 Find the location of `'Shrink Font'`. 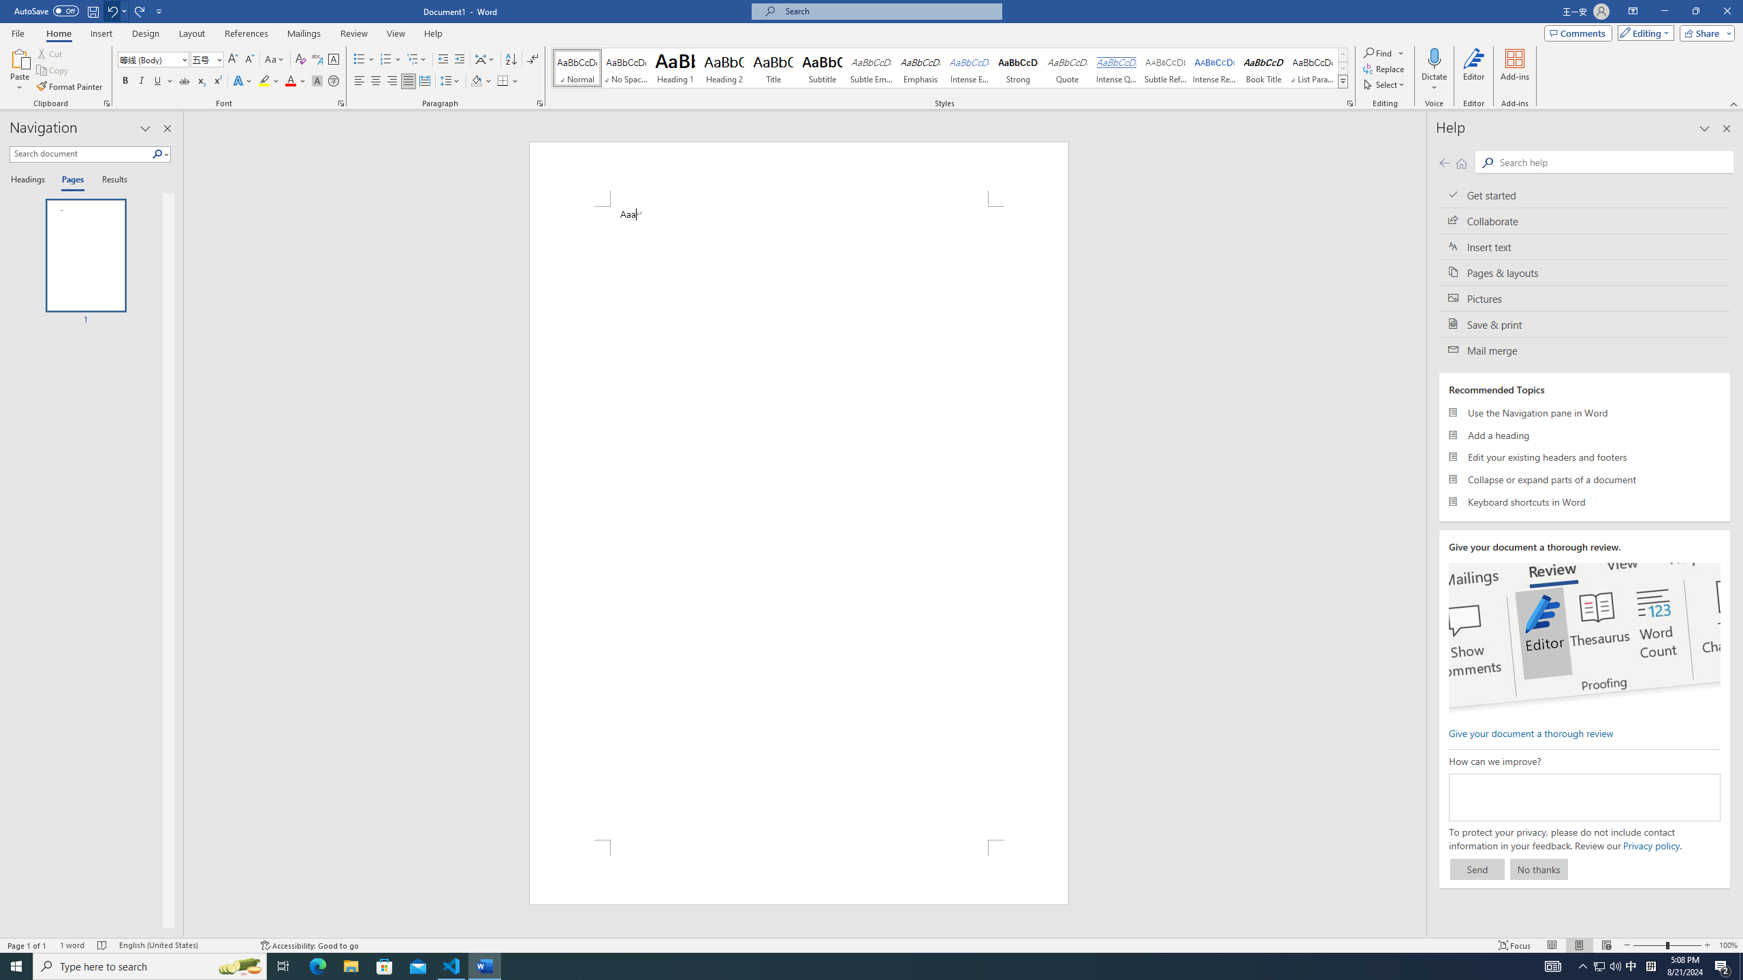

'Shrink Font' is located at coordinates (249, 59).